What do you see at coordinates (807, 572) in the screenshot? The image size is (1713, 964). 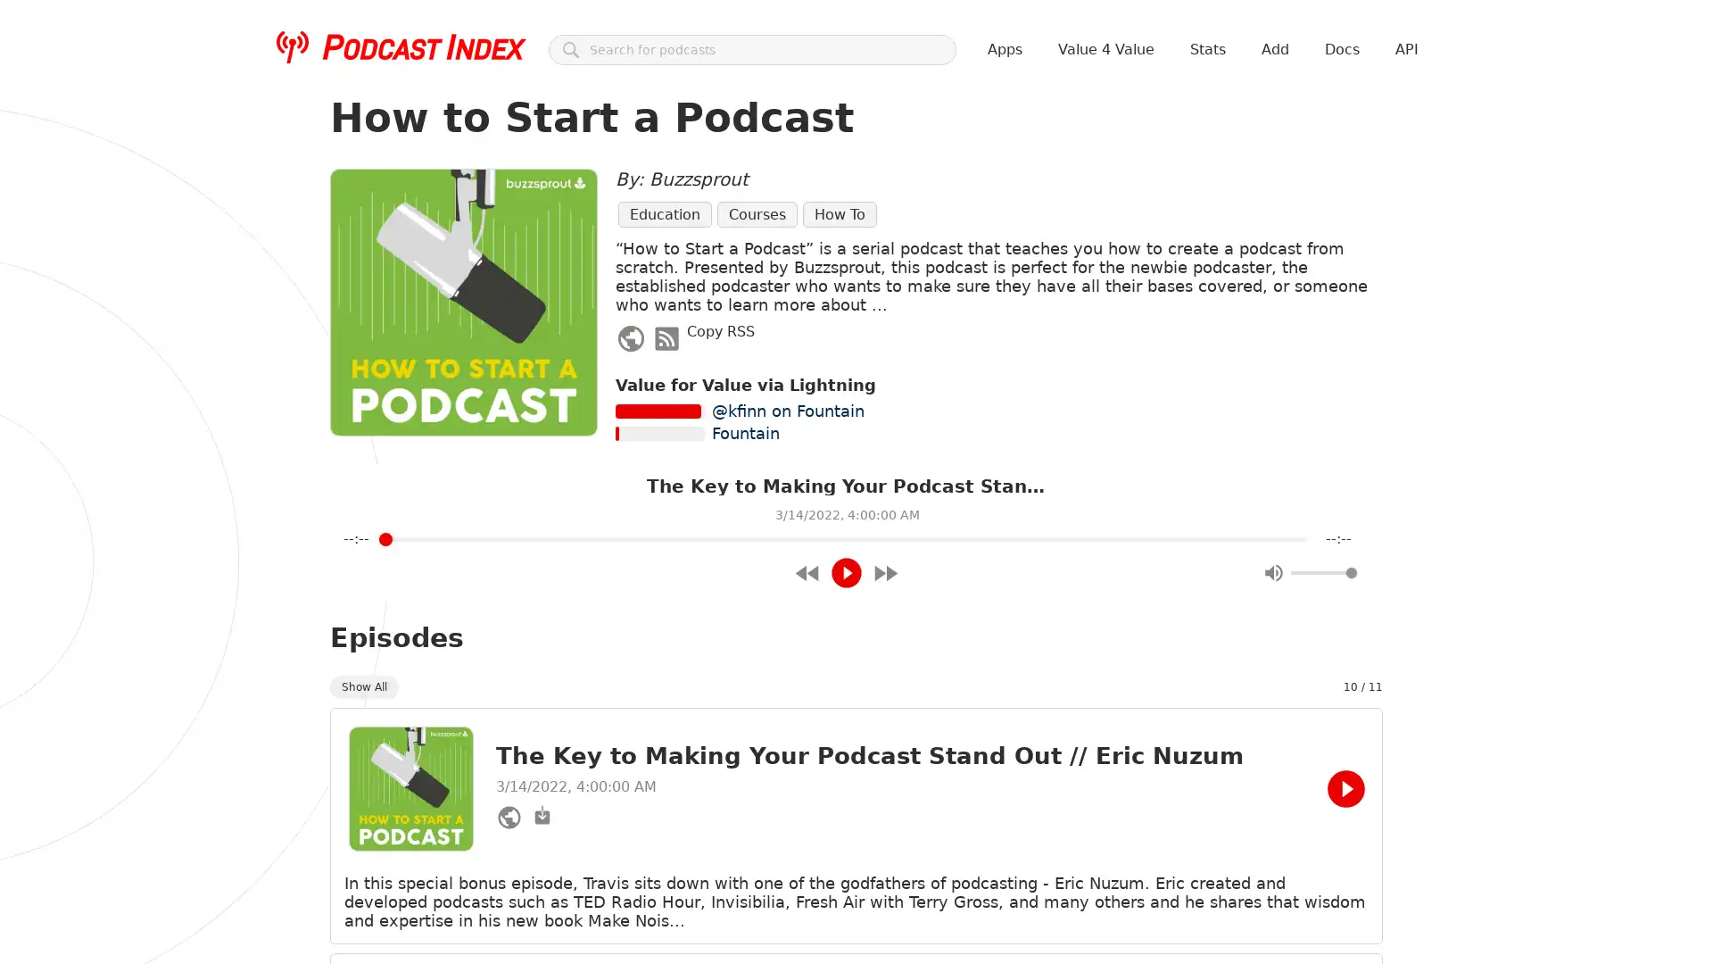 I see `Rewind` at bounding box center [807, 572].